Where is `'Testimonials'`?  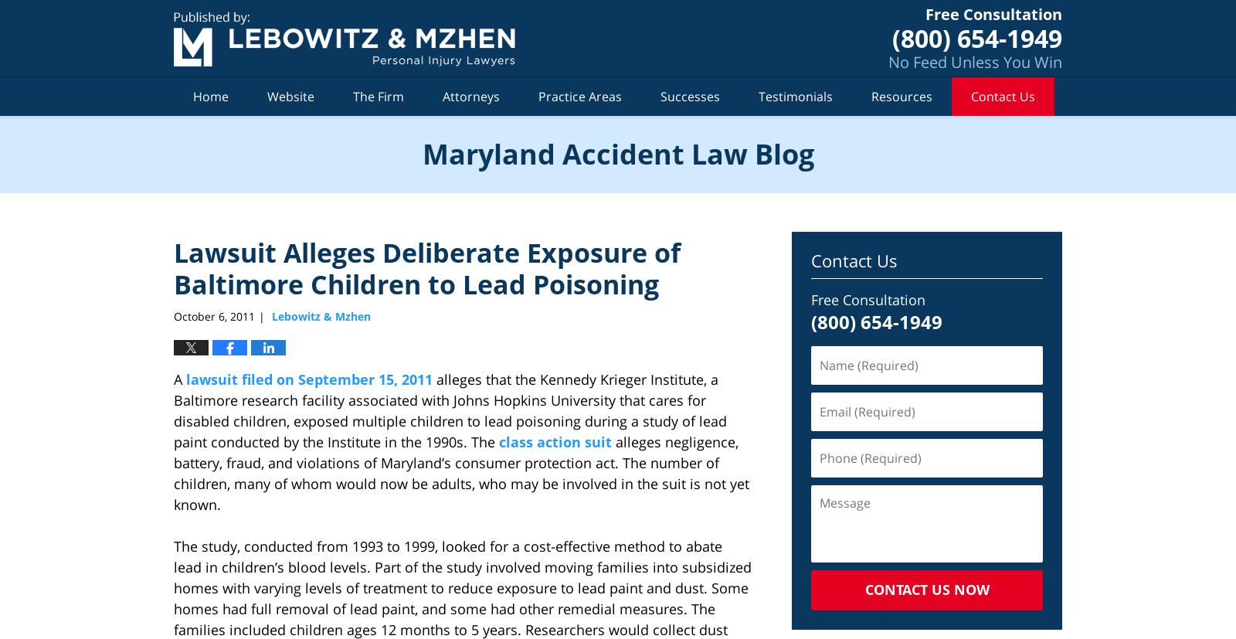 'Testimonials' is located at coordinates (796, 95).